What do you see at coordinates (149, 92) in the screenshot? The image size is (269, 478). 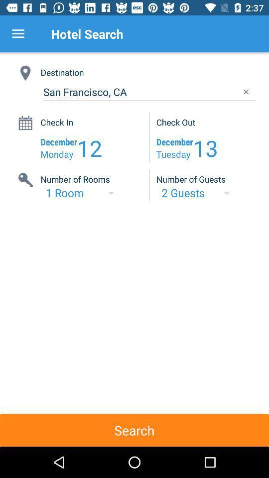 I see `icon below the destination item` at bounding box center [149, 92].